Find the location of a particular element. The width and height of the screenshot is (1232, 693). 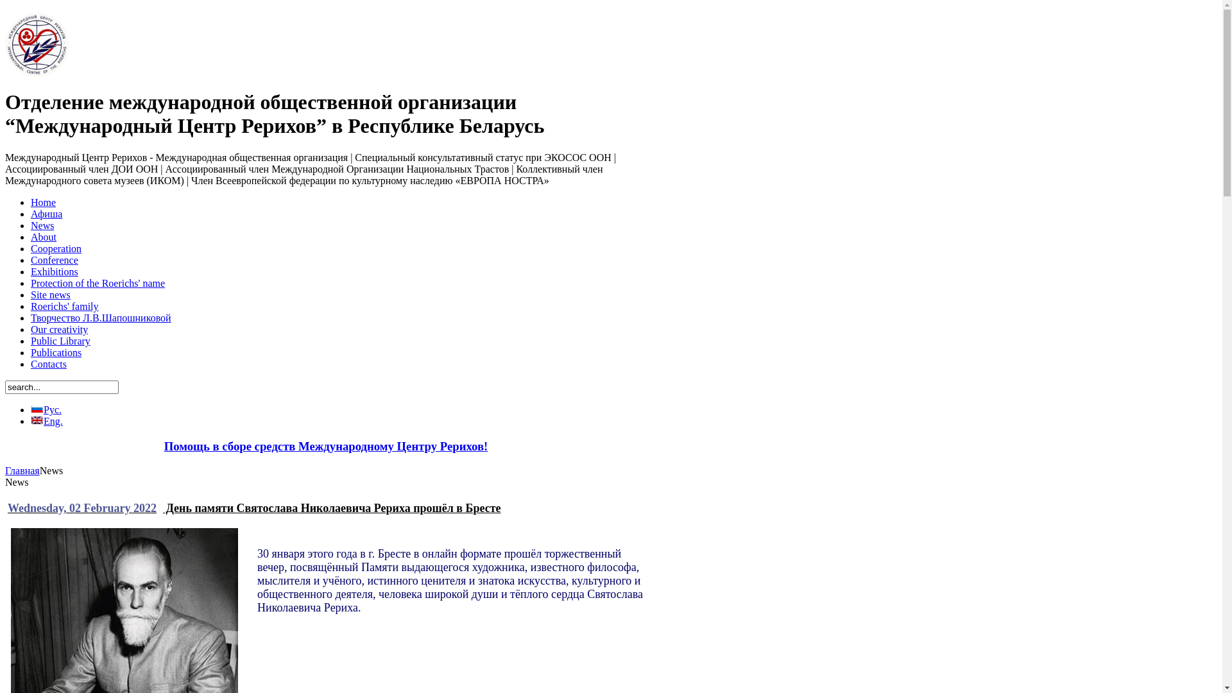

'Eng.' is located at coordinates (46, 421).